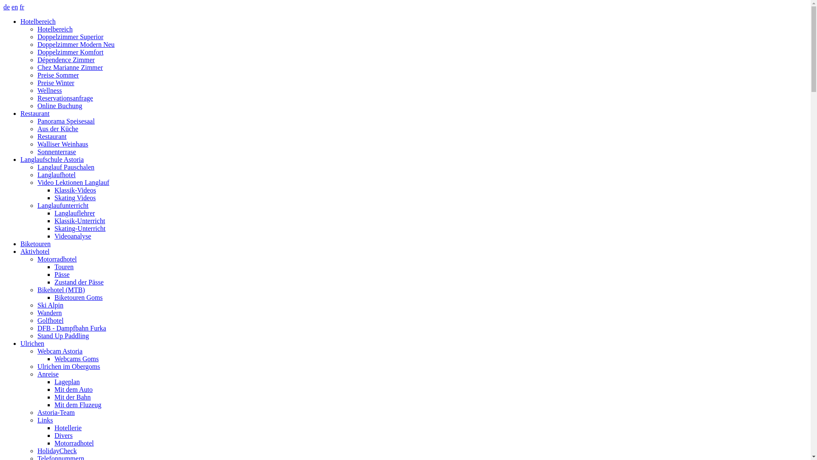 Image resolution: width=817 pixels, height=460 pixels. What do you see at coordinates (78, 297) in the screenshot?
I see `'Biketouren Goms'` at bounding box center [78, 297].